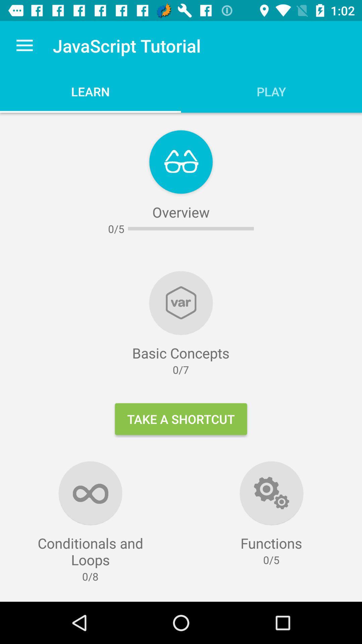 The width and height of the screenshot is (362, 644). Describe the element at coordinates (24, 45) in the screenshot. I see `the icon above the conditionals and loops` at that location.